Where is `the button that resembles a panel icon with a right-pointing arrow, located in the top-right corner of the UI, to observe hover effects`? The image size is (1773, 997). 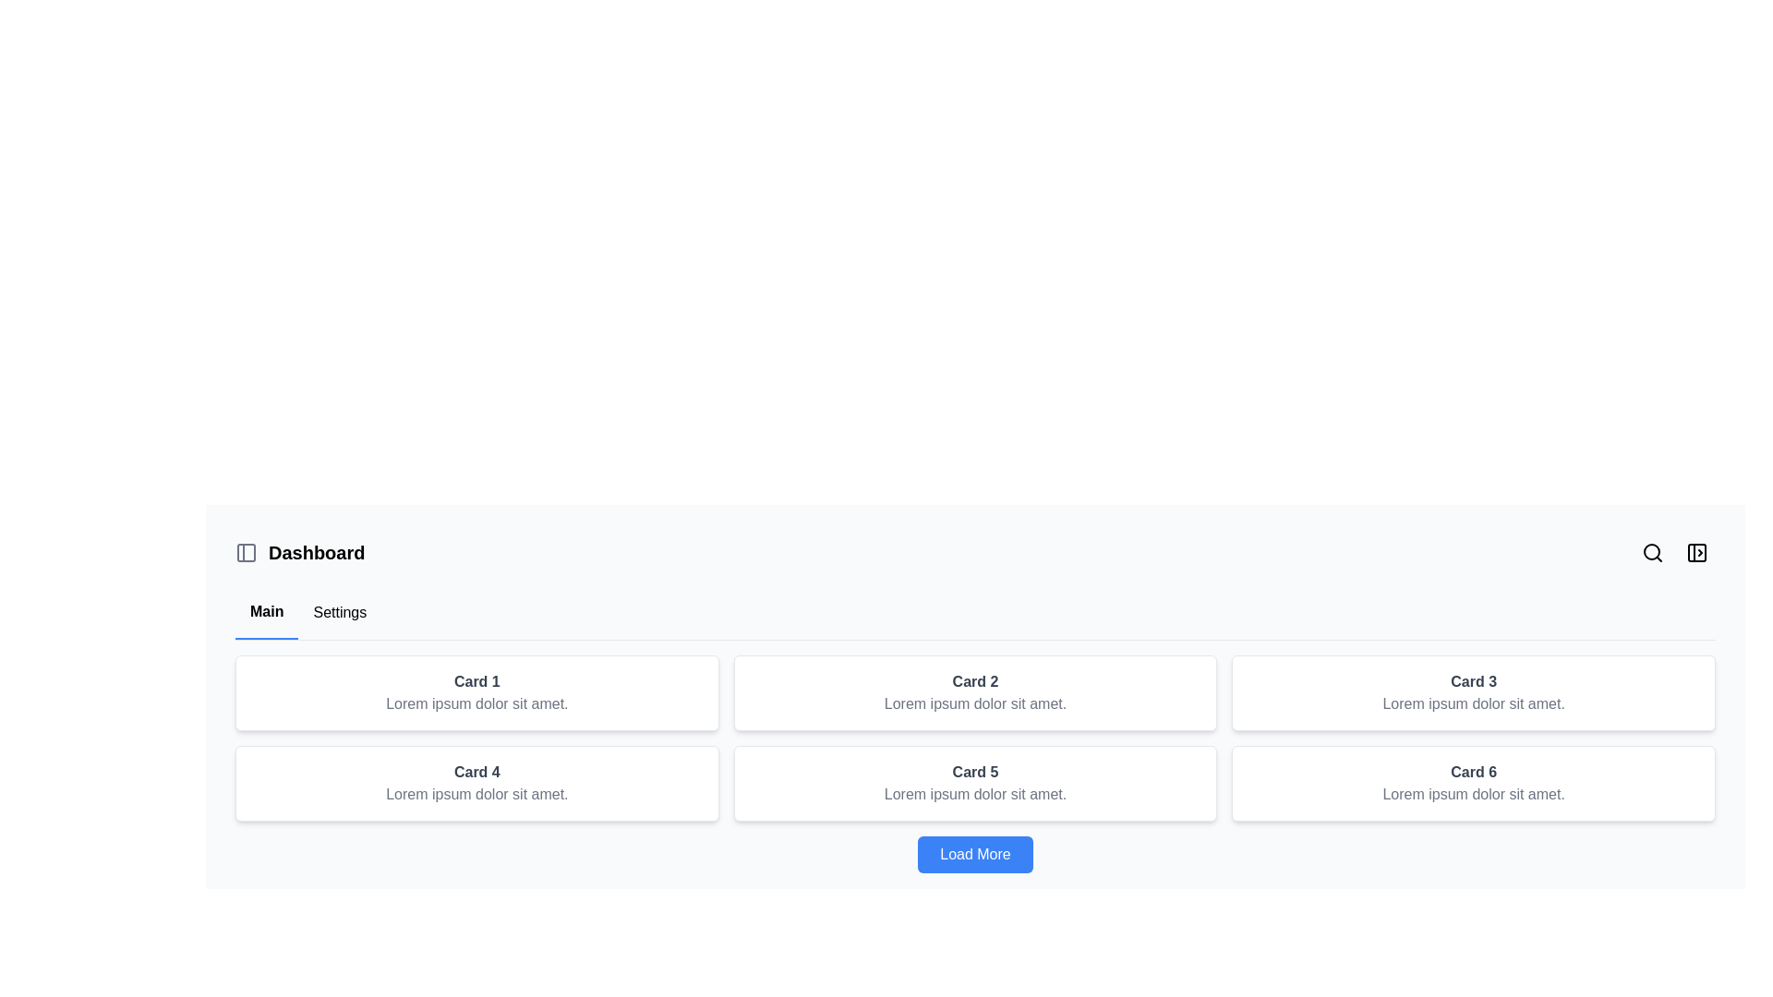 the button that resembles a panel icon with a right-pointing arrow, located in the top-right corner of the UI, to observe hover effects is located at coordinates (1697, 551).